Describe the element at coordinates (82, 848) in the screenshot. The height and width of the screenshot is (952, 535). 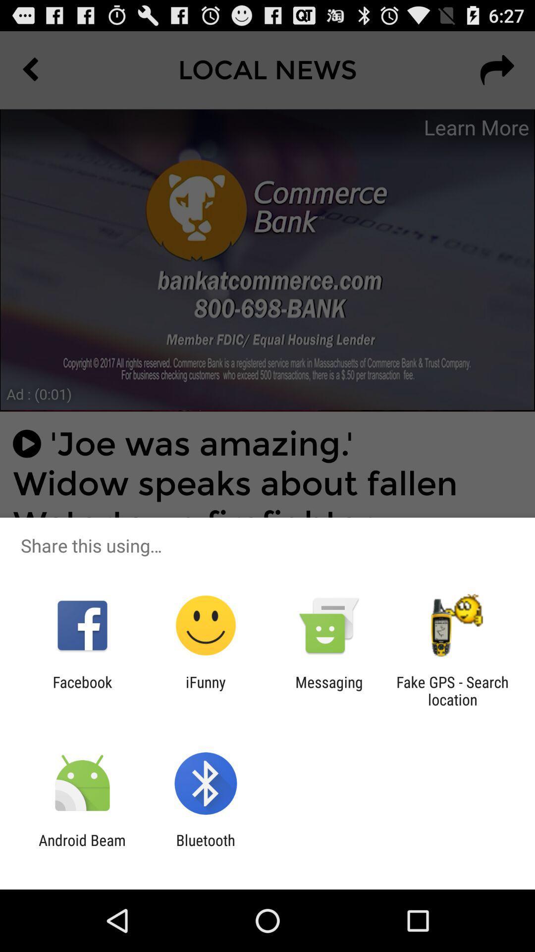
I see `android beam app` at that location.